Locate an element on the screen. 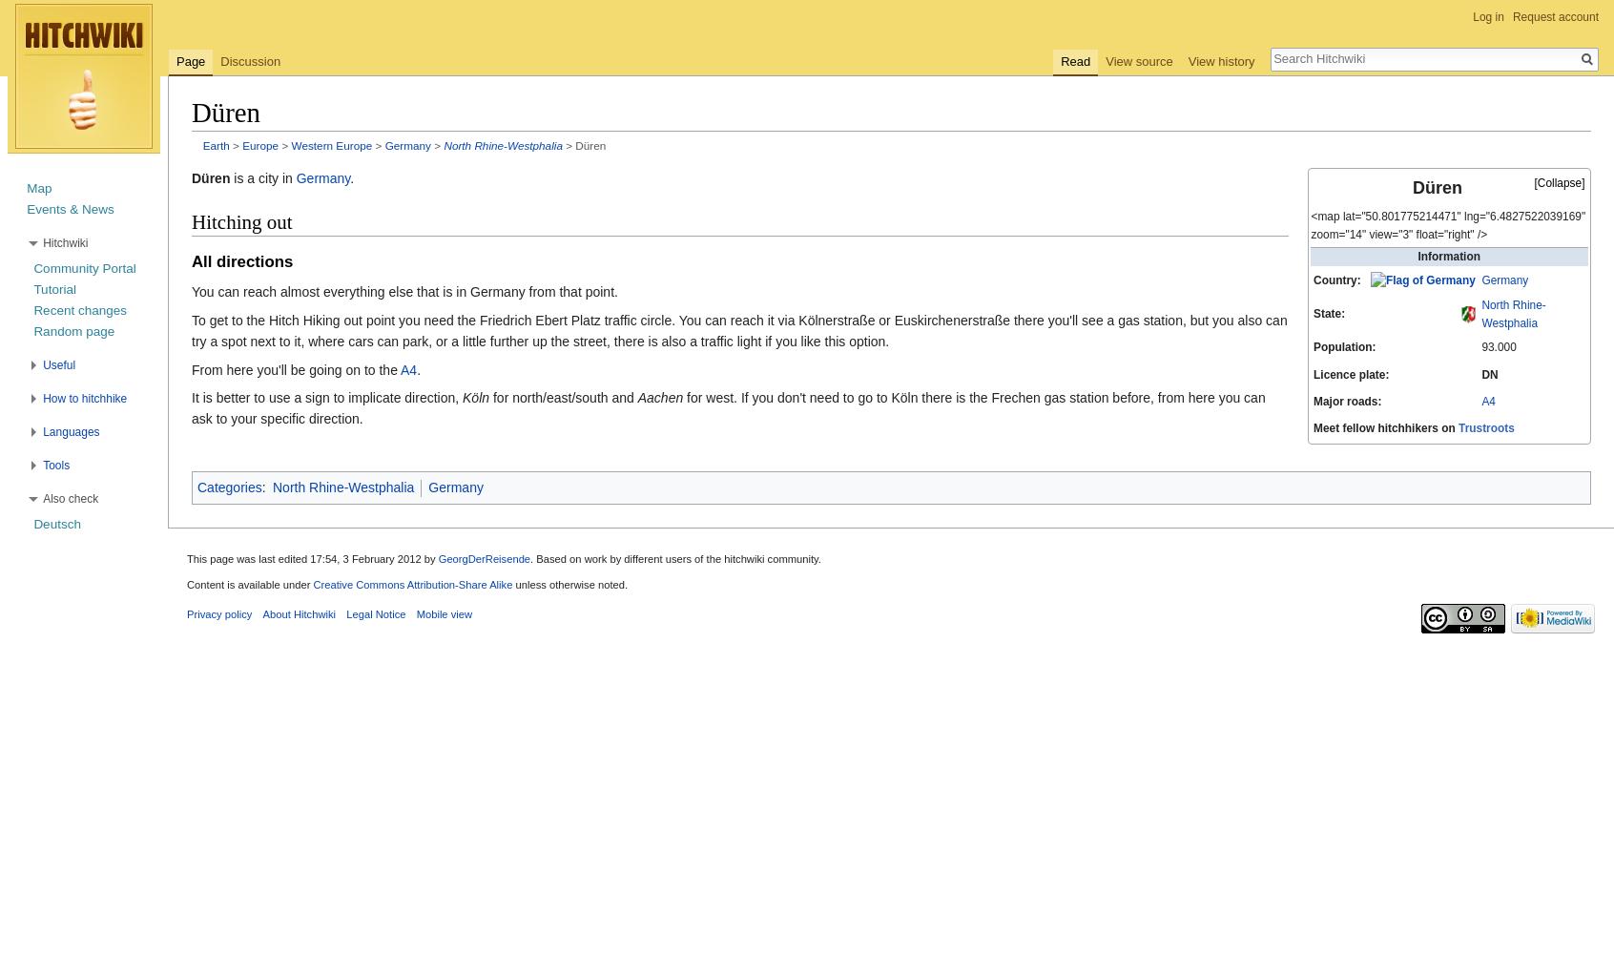 The image size is (1614, 954). 'Western Europe' is located at coordinates (290, 144).